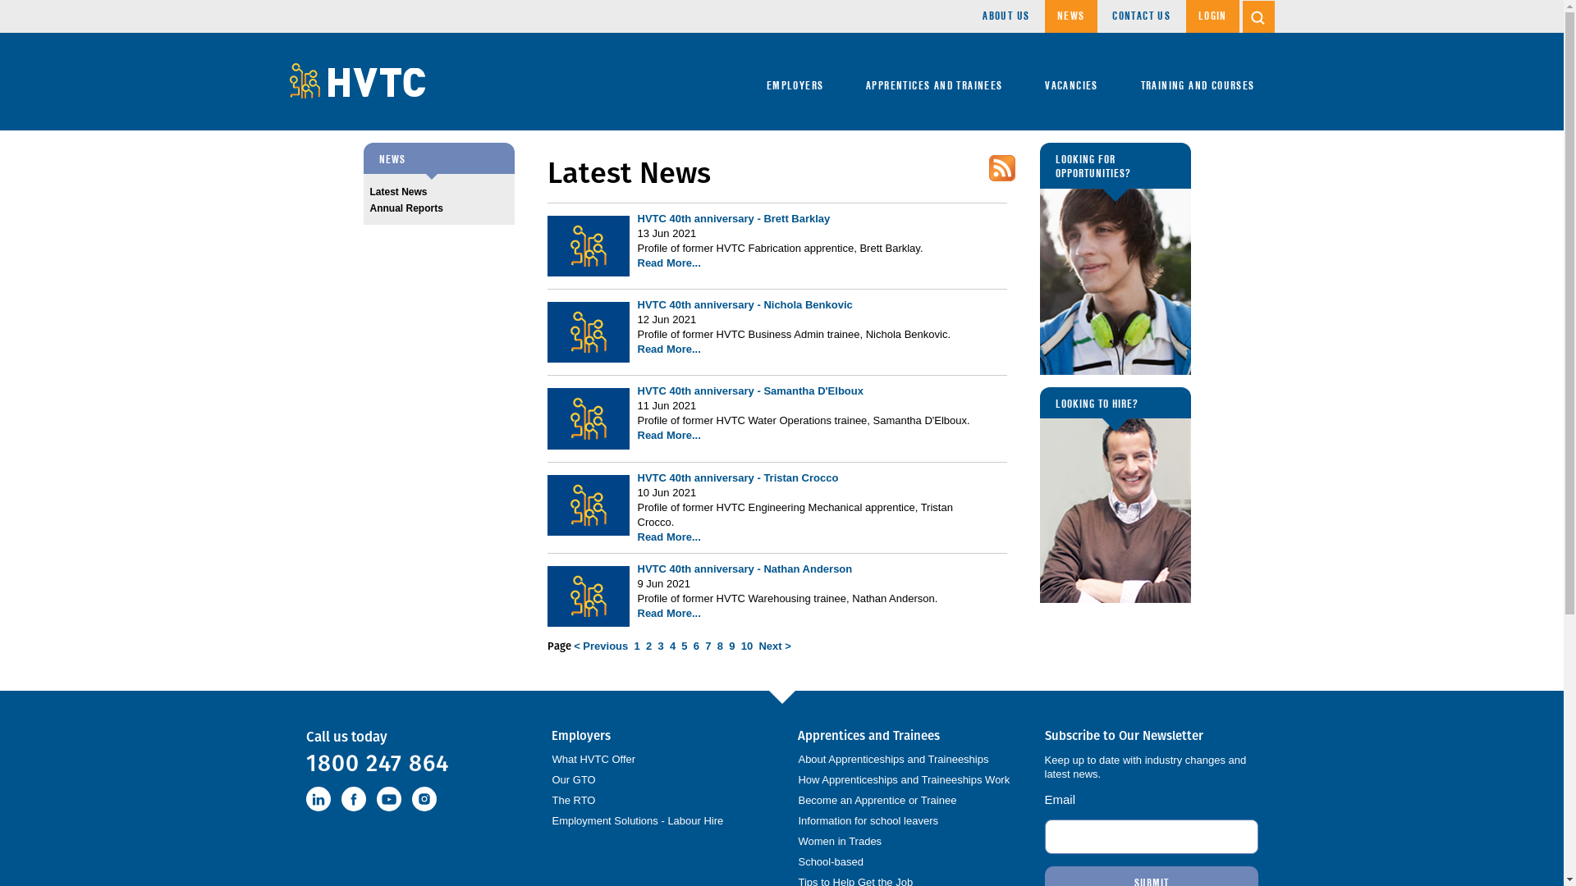 Image resolution: width=1576 pixels, height=886 pixels. Describe the element at coordinates (1212, 16) in the screenshot. I see `'LOGIN'` at that location.